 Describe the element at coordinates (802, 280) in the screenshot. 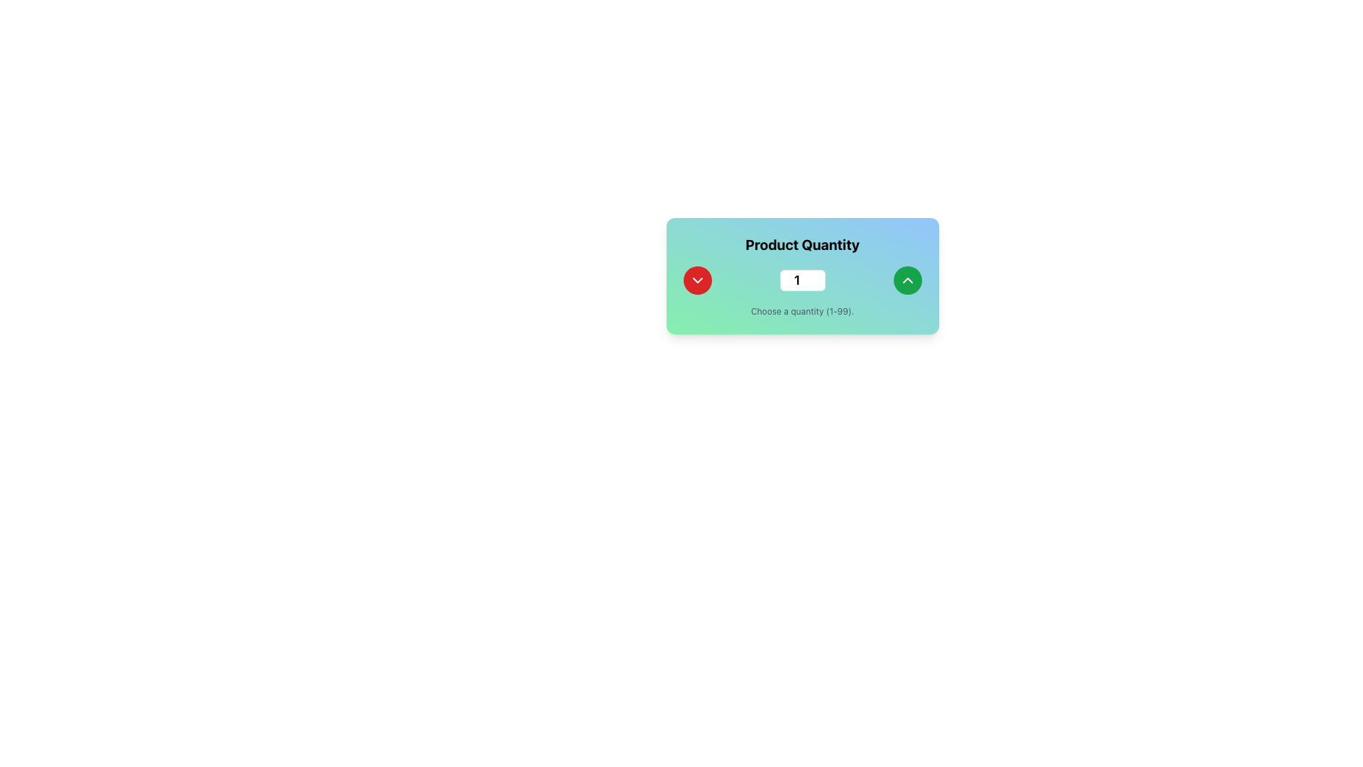

I see `the number input field located centrally between the red circular button with a downward arrow and the green circular button with an upward arrow to focus on it` at that location.